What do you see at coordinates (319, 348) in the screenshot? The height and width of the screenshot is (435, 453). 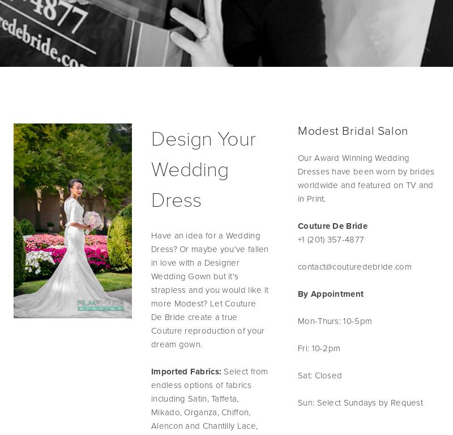 I see `'Fri: 10-2pm'` at bounding box center [319, 348].